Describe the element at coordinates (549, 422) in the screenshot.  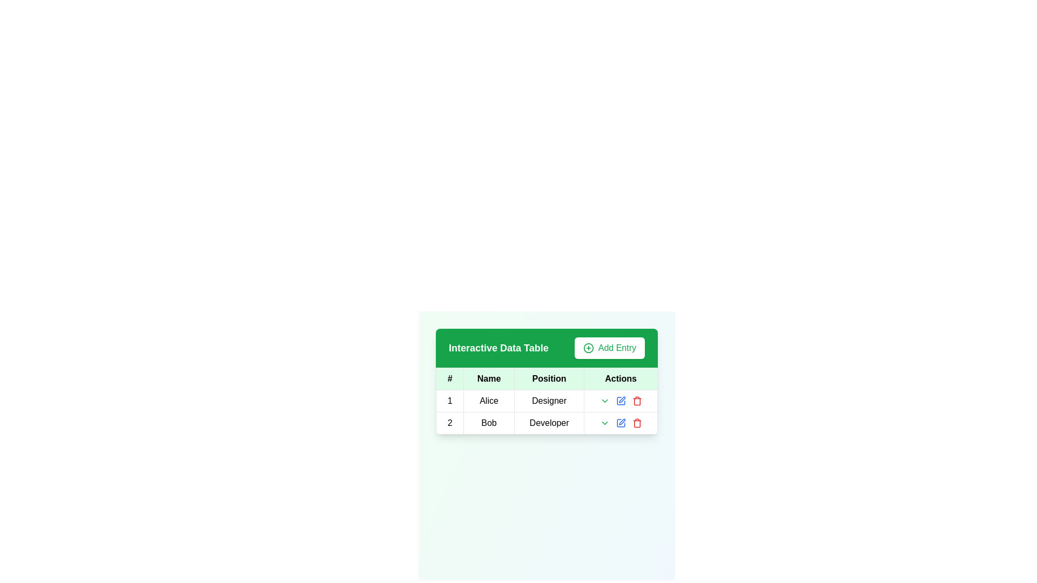
I see `the table cell that displays the job title of 'Bob' in the second row under the 'Position' column` at that location.